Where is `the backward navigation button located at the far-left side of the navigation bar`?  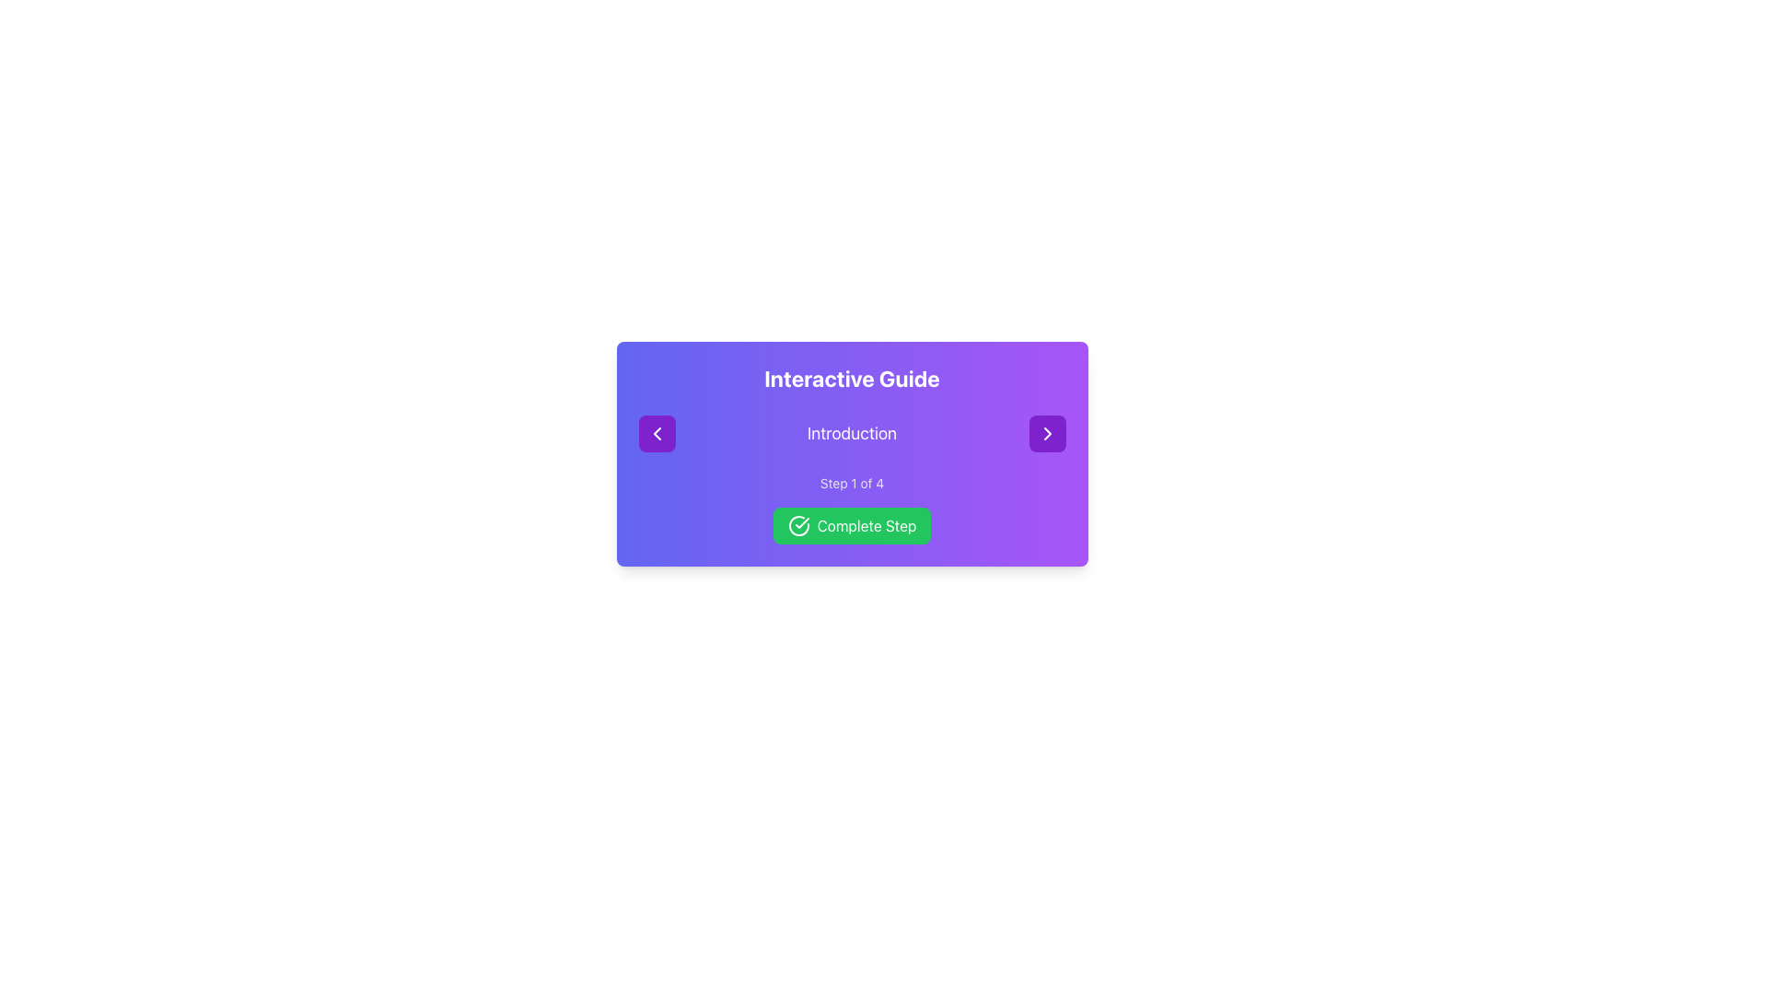
the backward navigation button located at the far-left side of the navigation bar is located at coordinates (657, 433).